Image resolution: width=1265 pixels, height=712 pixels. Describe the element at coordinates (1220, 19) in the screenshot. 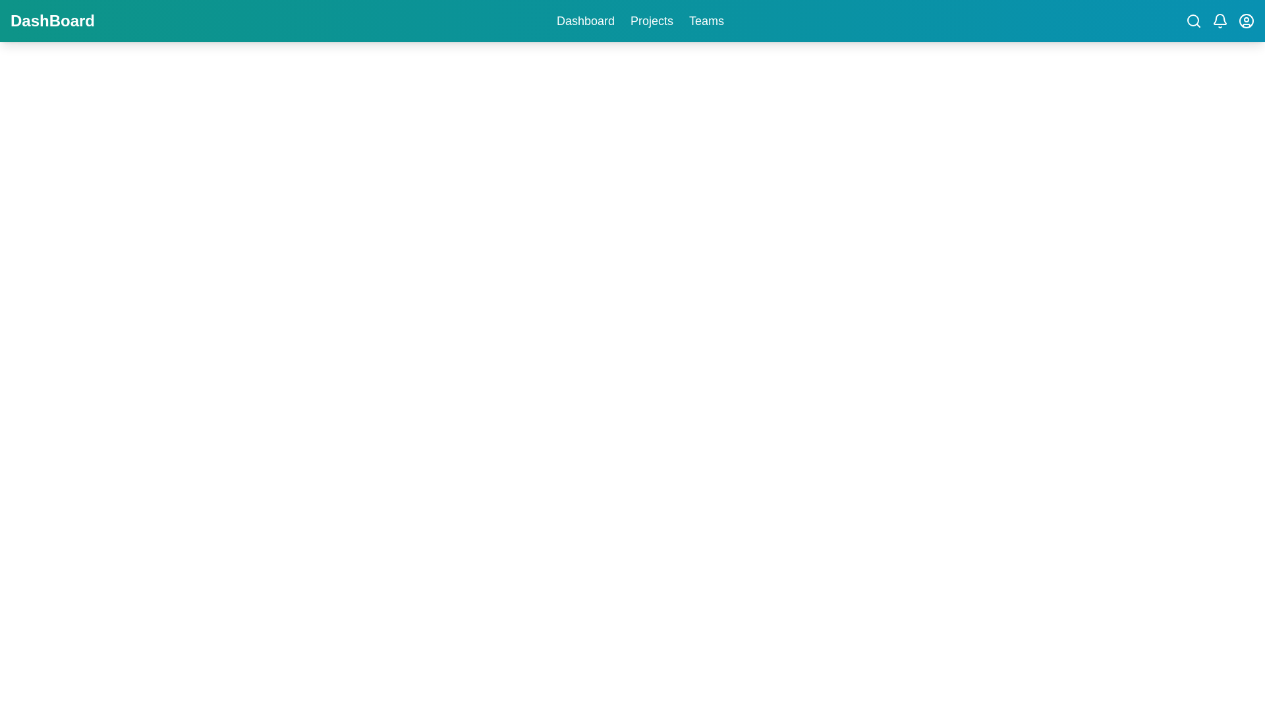

I see `the notification bell icon located in the upper-right corner of the application interface, styled in white against a teal background` at that location.